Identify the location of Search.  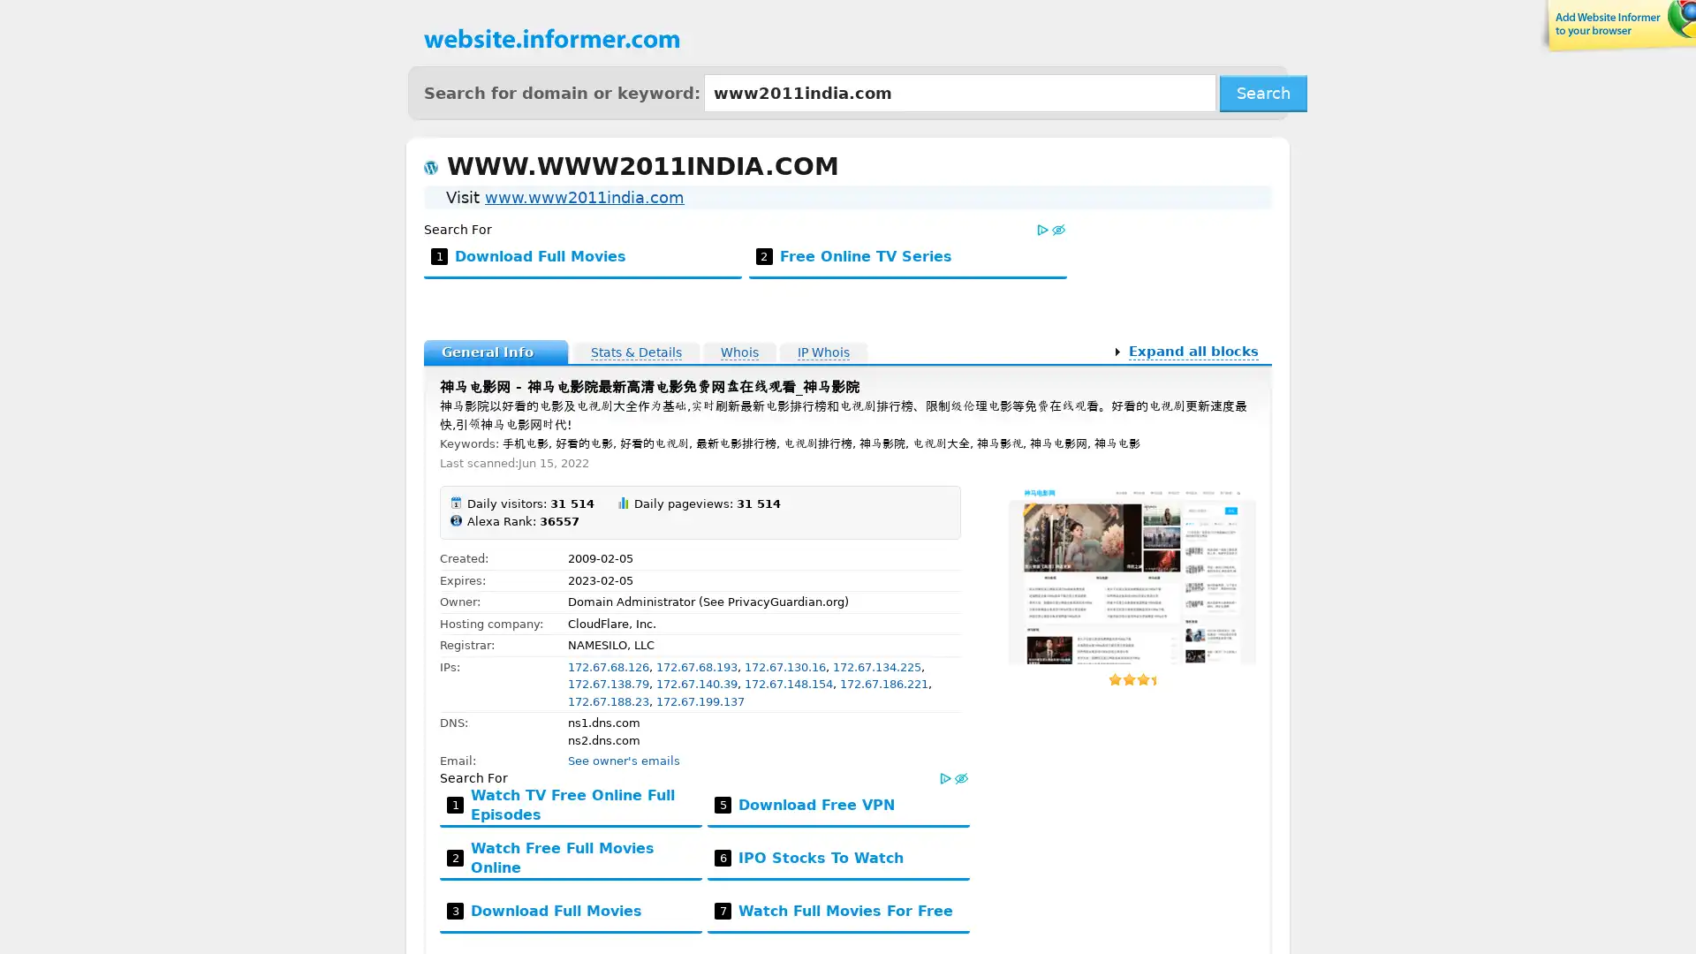
(1262, 92).